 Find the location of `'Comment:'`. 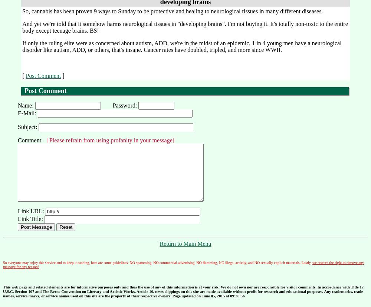

'Comment:' is located at coordinates (32, 140).